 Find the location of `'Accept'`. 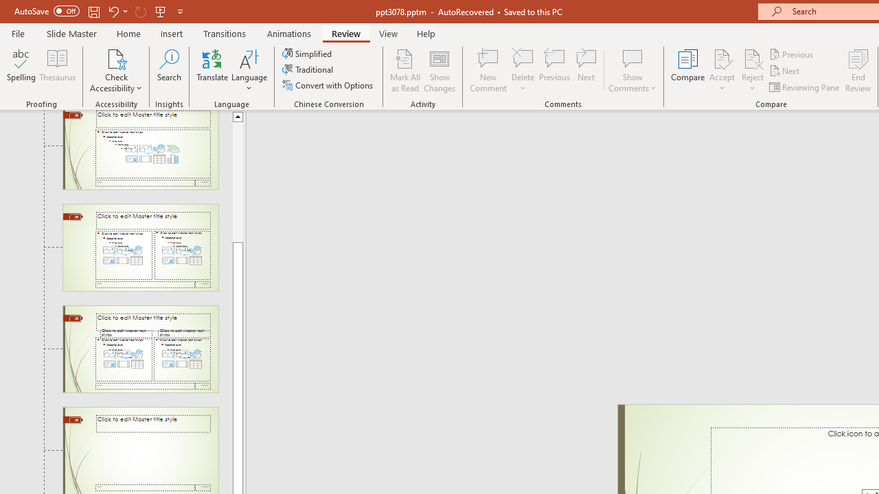

'Accept' is located at coordinates (721, 71).